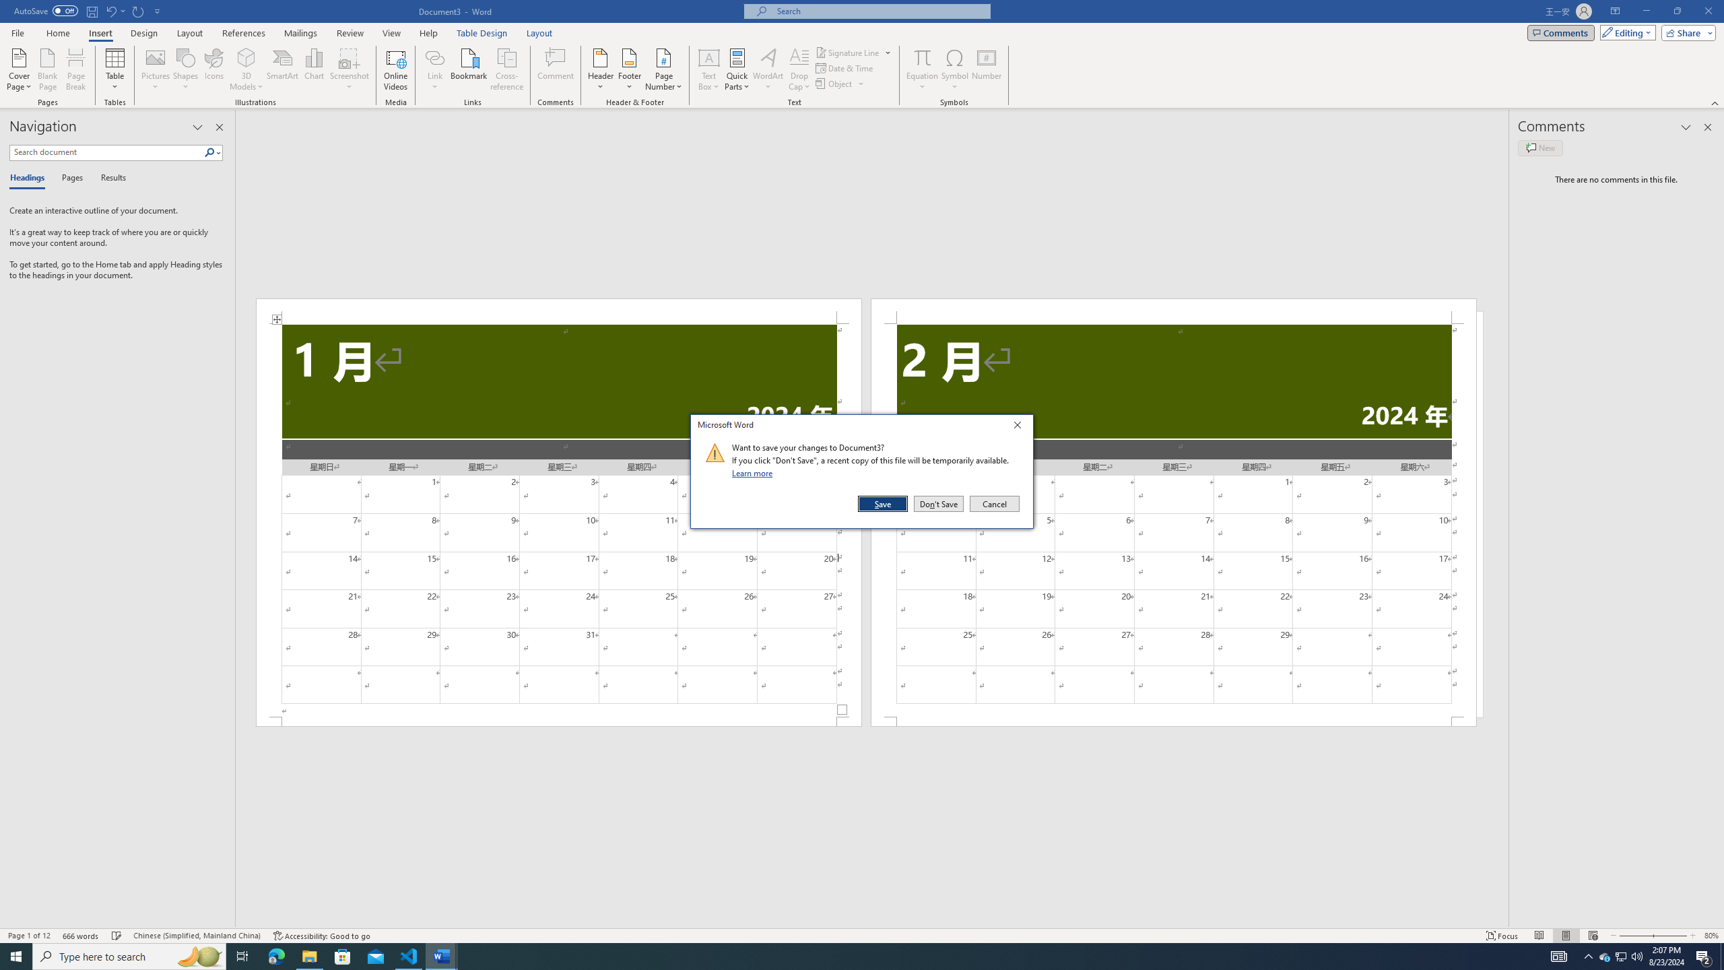 This screenshot has width=1724, height=970. What do you see at coordinates (768, 69) in the screenshot?
I see `'WordArt'` at bounding box center [768, 69].